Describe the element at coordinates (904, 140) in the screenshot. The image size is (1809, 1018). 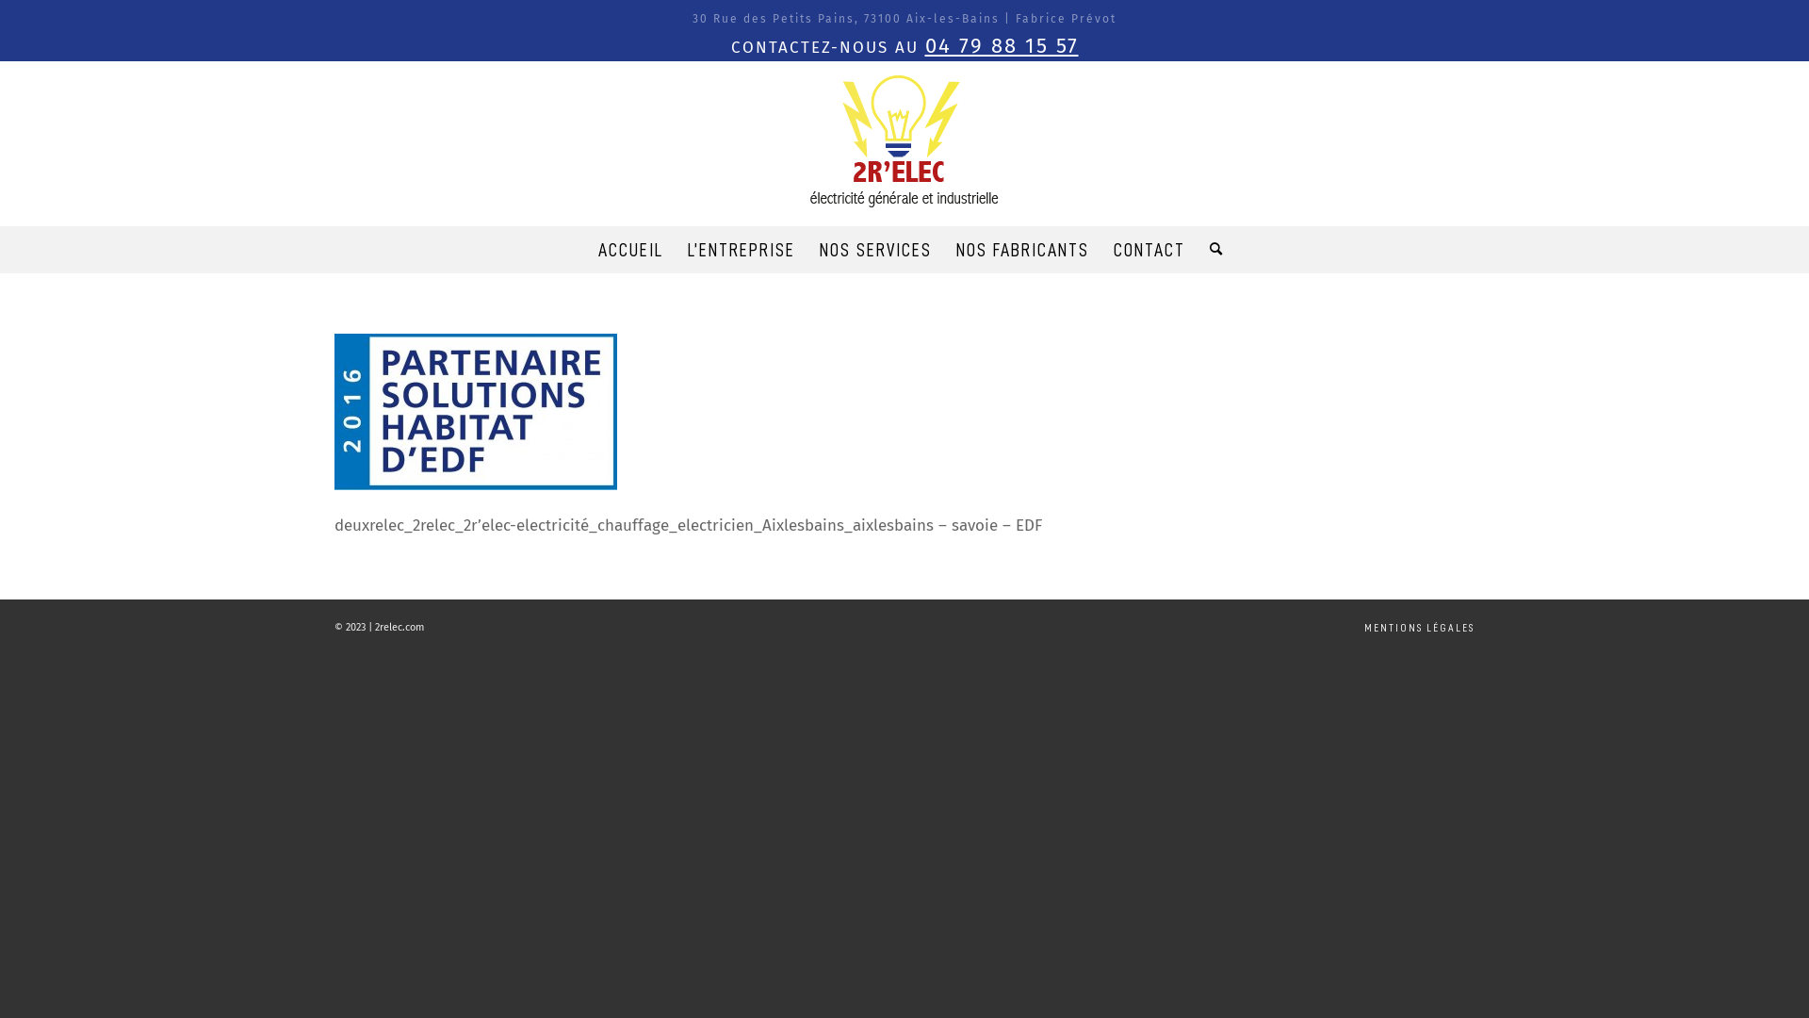
I see `'logo_2relec_'` at that location.